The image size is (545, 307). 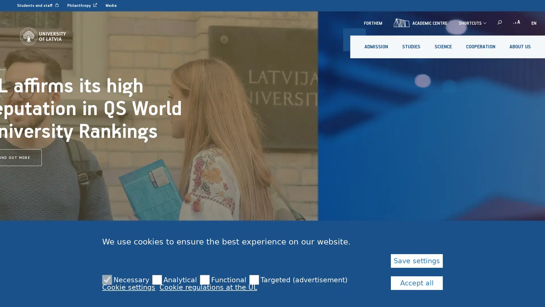 I want to click on EN, so click(x=534, y=23).